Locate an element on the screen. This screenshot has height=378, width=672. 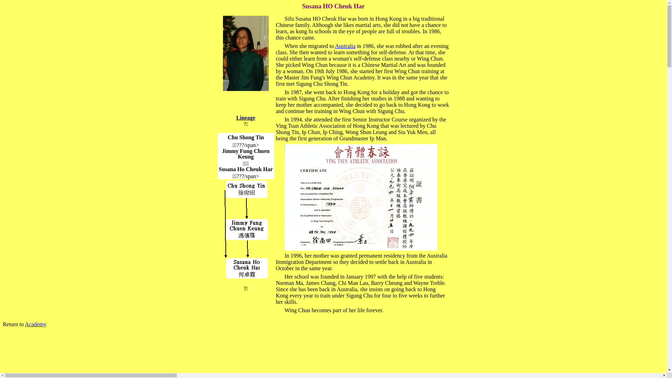
'Australia' is located at coordinates (345, 46).